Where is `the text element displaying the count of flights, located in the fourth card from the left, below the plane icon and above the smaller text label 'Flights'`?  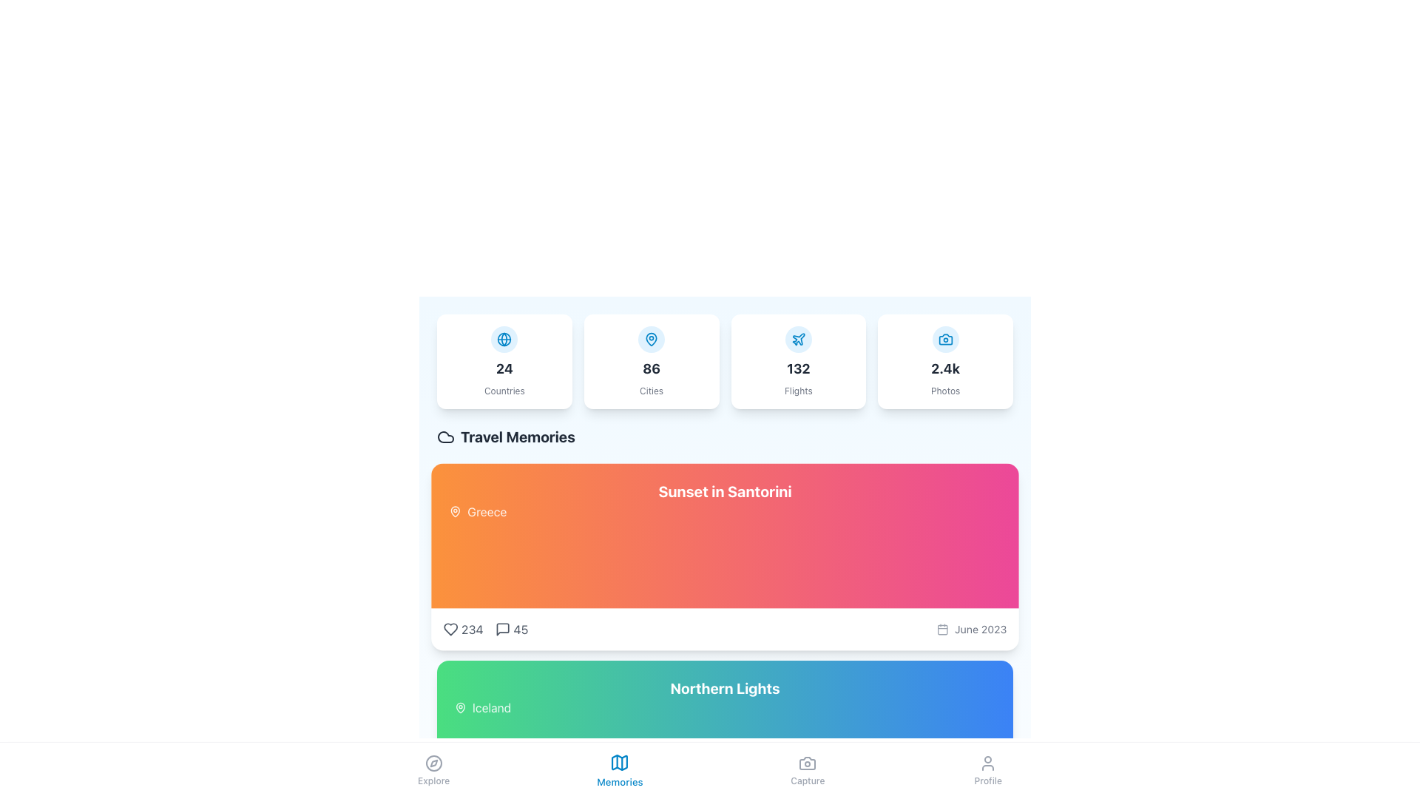 the text element displaying the count of flights, located in the fourth card from the left, below the plane icon and above the smaller text label 'Flights' is located at coordinates (797, 368).